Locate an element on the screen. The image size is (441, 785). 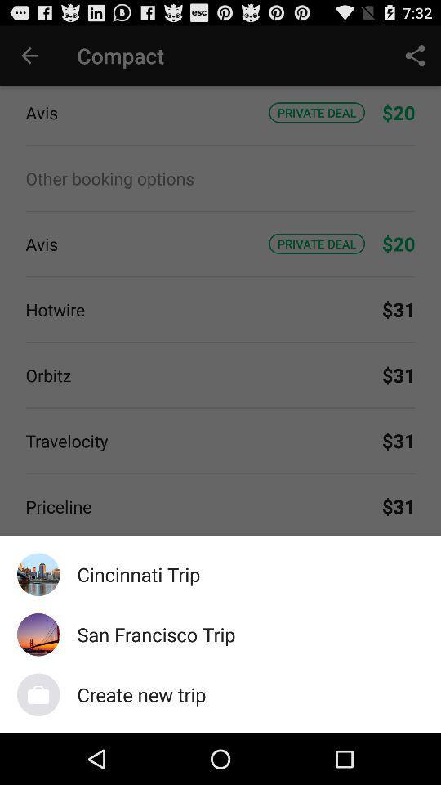
icon at the center is located at coordinates (220, 379).